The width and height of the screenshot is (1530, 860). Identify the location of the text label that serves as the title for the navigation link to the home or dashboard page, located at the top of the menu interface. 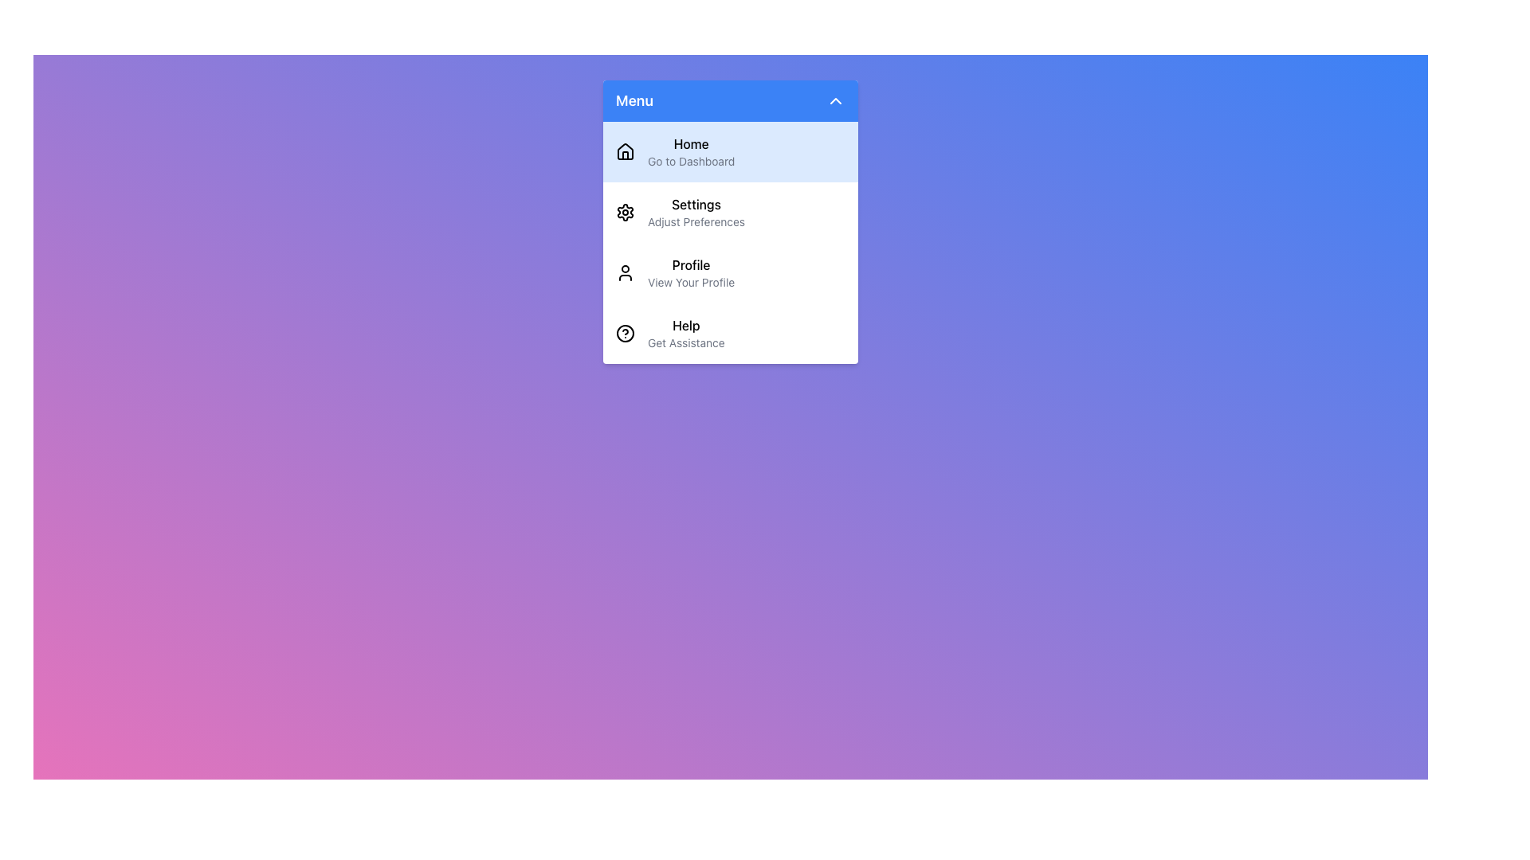
(691, 144).